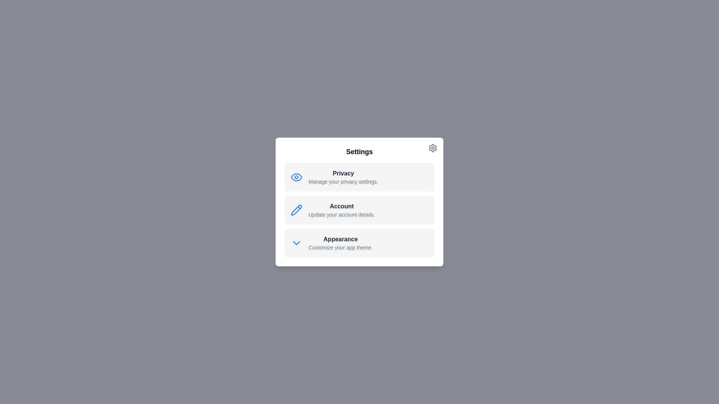  What do you see at coordinates (359, 177) in the screenshot?
I see `the desired setting: Privacy` at bounding box center [359, 177].